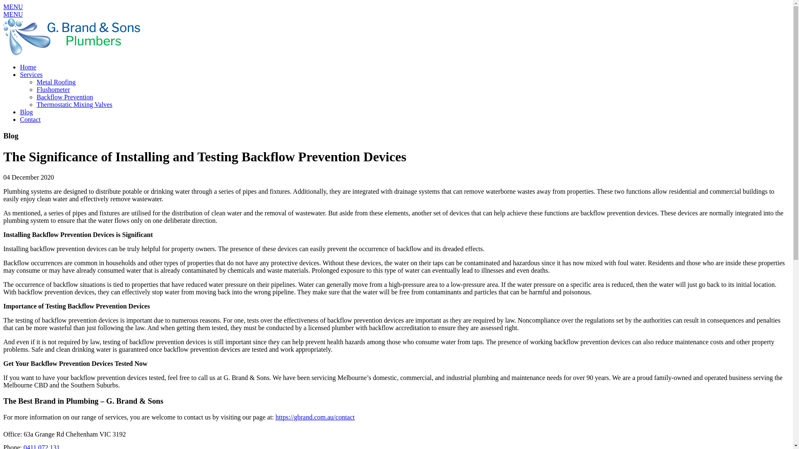 The width and height of the screenshot is (799, 449). Describe the element at coordinates (275, 417) in the screenshot. I see `'https://gbrand.com.au/contact'` at that location.